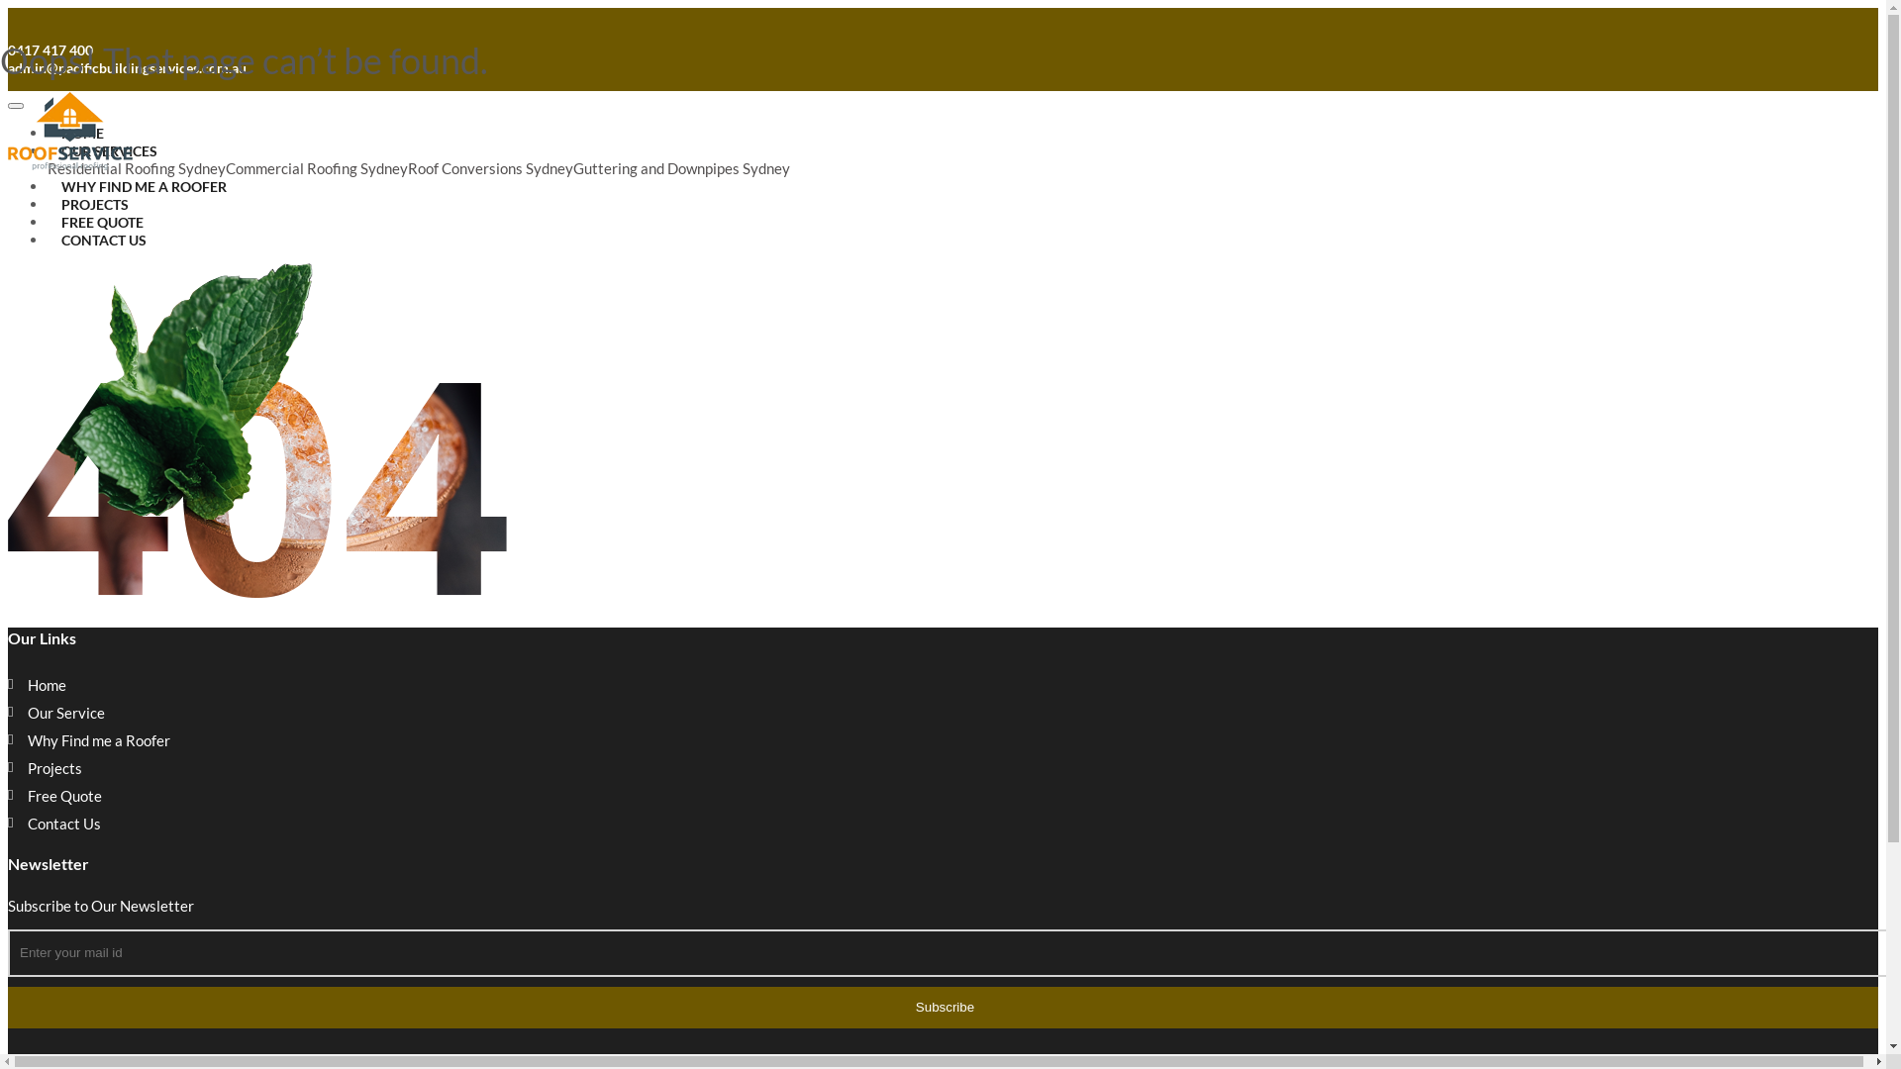 The width and height of the screenshot is (1901, 1069). What do you see at coordinates (8, 49) in the screenshot?
I see `'0417 417 400'` at bounding box center [8, 49].